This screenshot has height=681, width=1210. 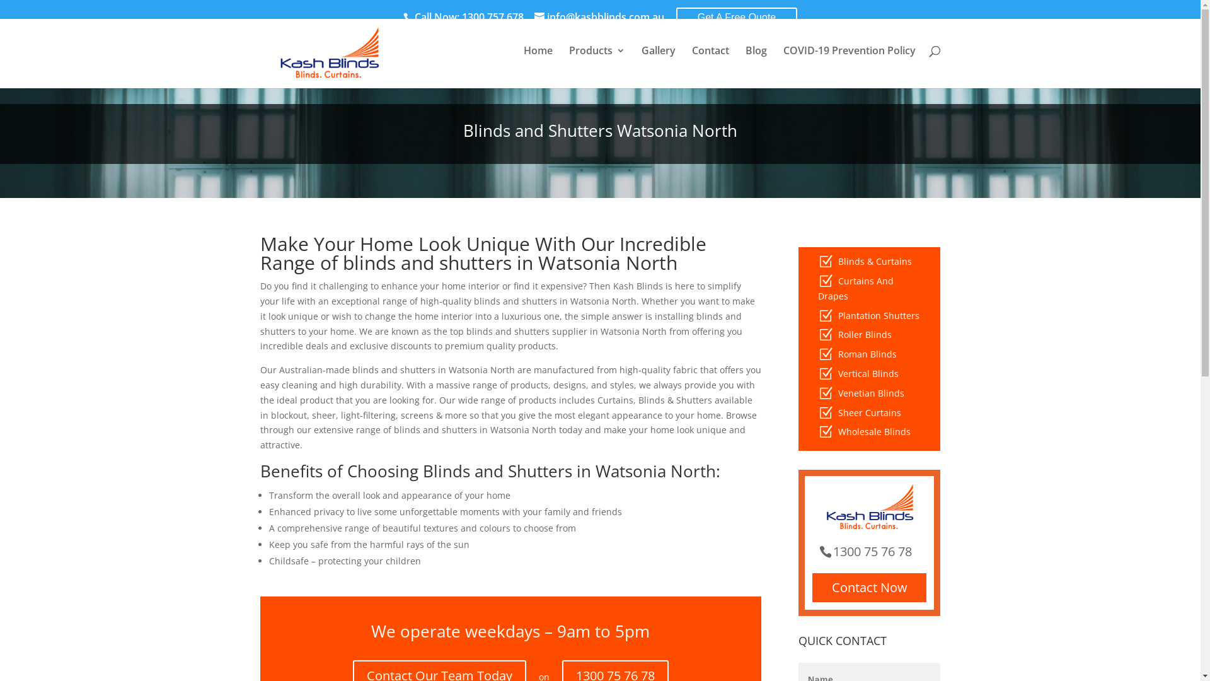 What do you see at coordinates (874, 260) in the screenshot?
I see `'Blinds & Curtains'` at bounding box center [874, 260].